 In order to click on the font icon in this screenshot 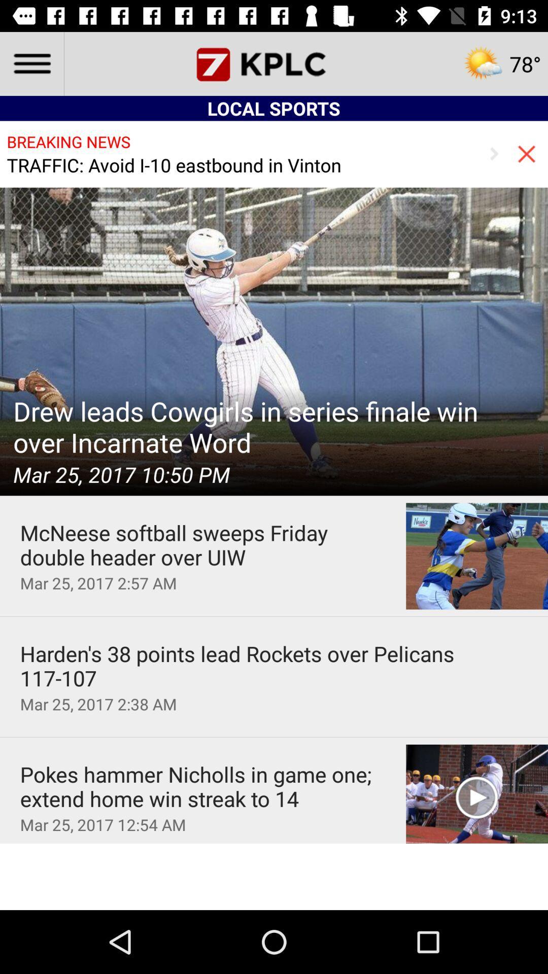, I will do `click(274, 63)`.